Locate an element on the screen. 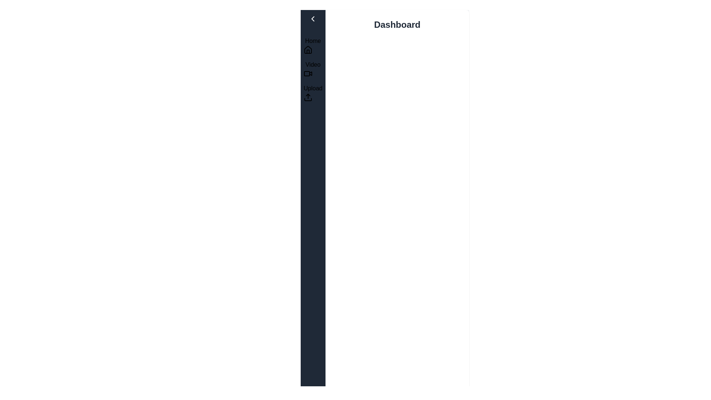 This screenshot has height=400, width=711. the dark rounded rectangle in the sidebar navigation menu is located at coordinates (307, 74).